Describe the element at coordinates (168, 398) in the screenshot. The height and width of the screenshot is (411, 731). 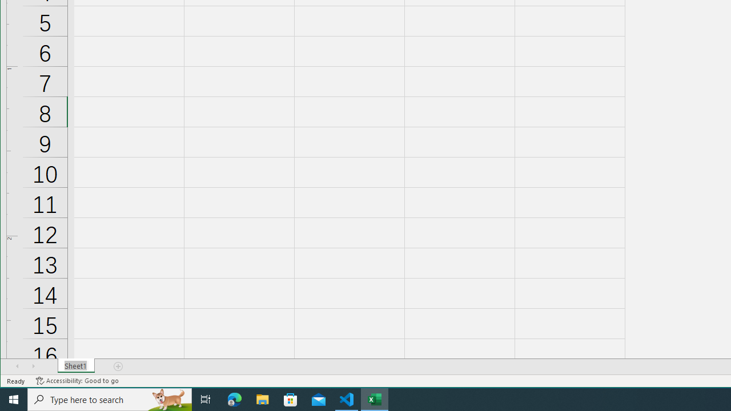
I see `'Search highlights icon opens search home window'` at that location.